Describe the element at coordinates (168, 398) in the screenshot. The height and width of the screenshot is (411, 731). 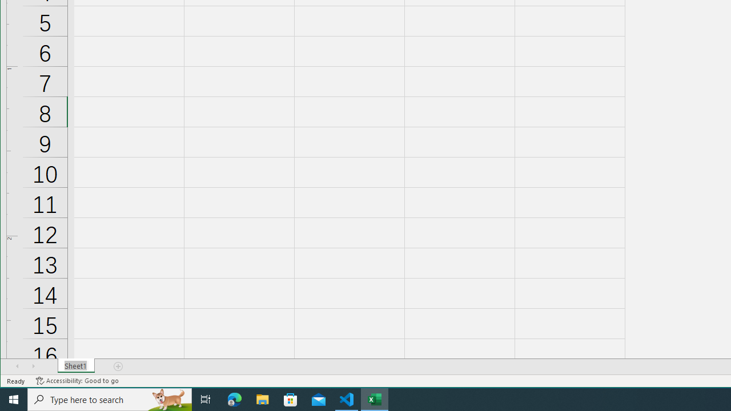
I see `'Search highlights icon opens search home window'` at that location.